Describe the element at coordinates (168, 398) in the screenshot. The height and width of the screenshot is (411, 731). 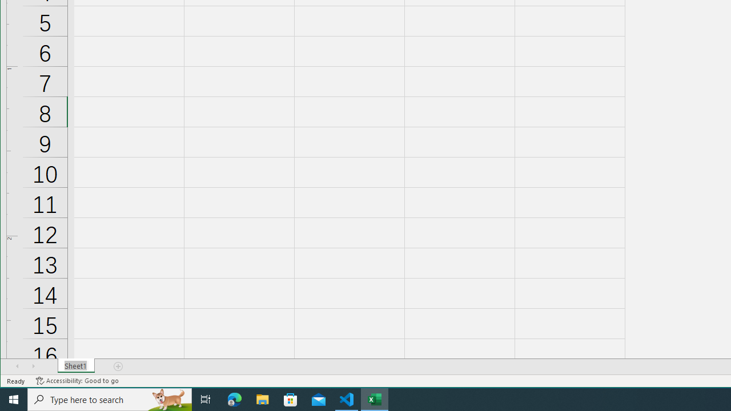
I see `'Search highlights icon opens search home window'` at that location.